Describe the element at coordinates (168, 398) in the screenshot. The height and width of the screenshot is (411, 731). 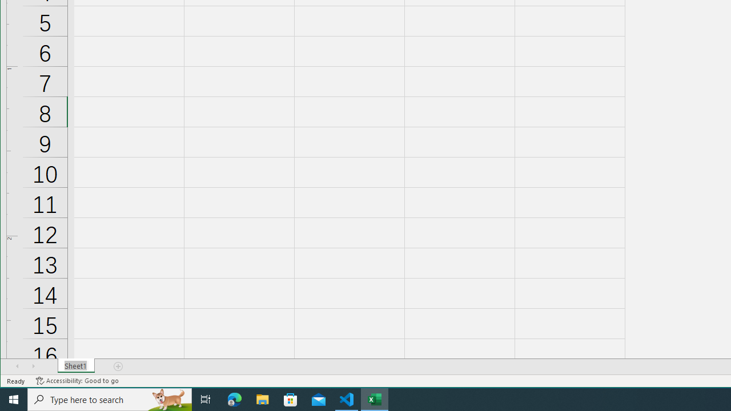
I see `'Search highlights icon opens search home window'` at that location.